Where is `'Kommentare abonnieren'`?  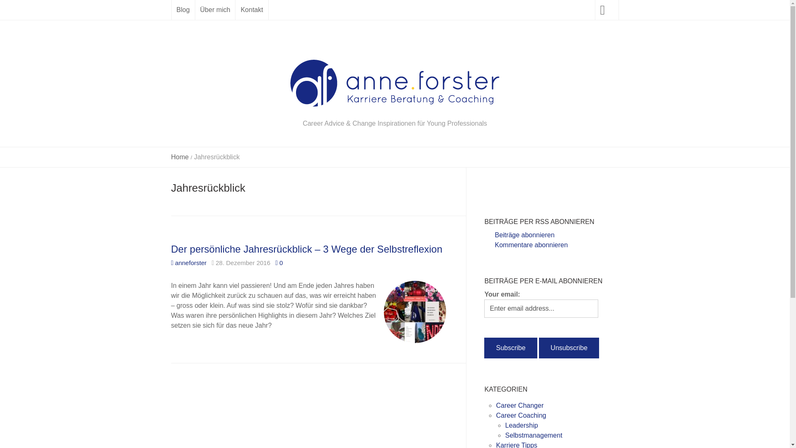 'Kommentare abonnieren' is located at coordinates (525, 244).